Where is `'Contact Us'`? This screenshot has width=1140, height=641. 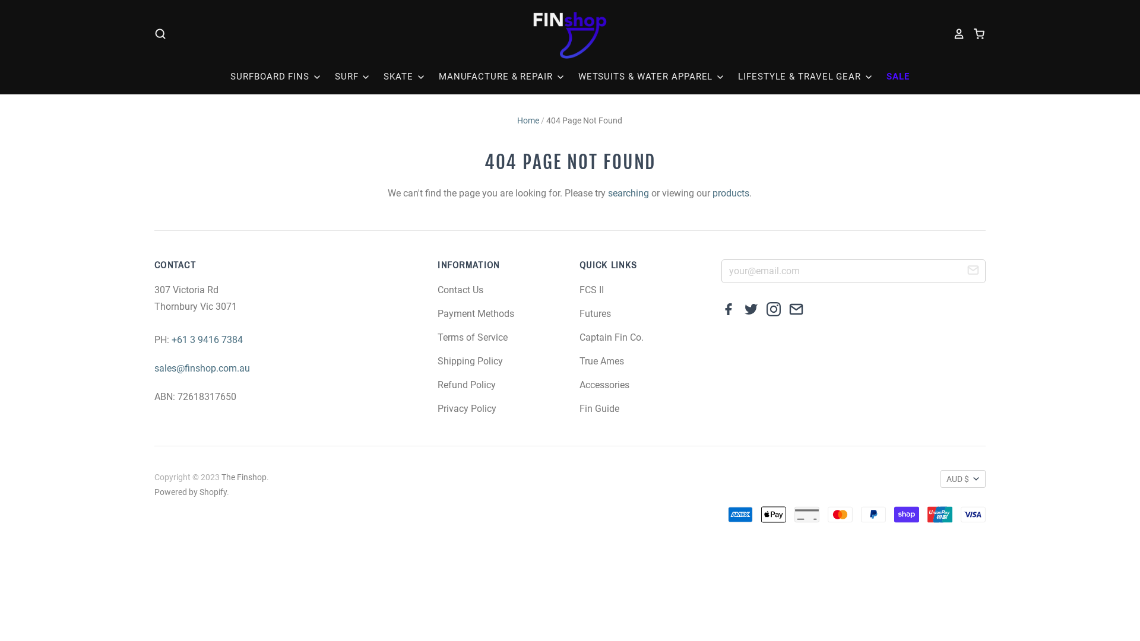 'Contact Us' is located at coordinates (460, 290).